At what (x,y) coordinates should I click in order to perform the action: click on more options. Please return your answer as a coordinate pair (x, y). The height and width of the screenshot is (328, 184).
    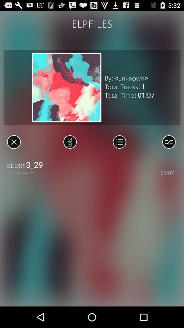
    Looking at the image, I should click on (119, 141).